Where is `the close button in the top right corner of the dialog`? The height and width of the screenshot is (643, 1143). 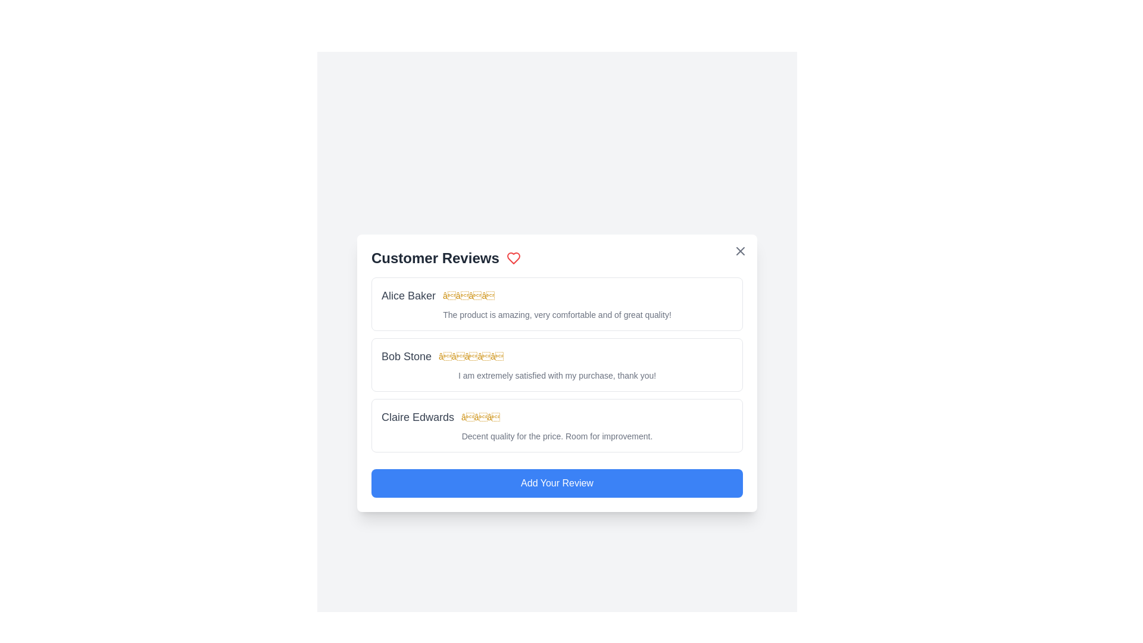 the close button in the top right corner of the dialog is located at coordinates (739, 250).